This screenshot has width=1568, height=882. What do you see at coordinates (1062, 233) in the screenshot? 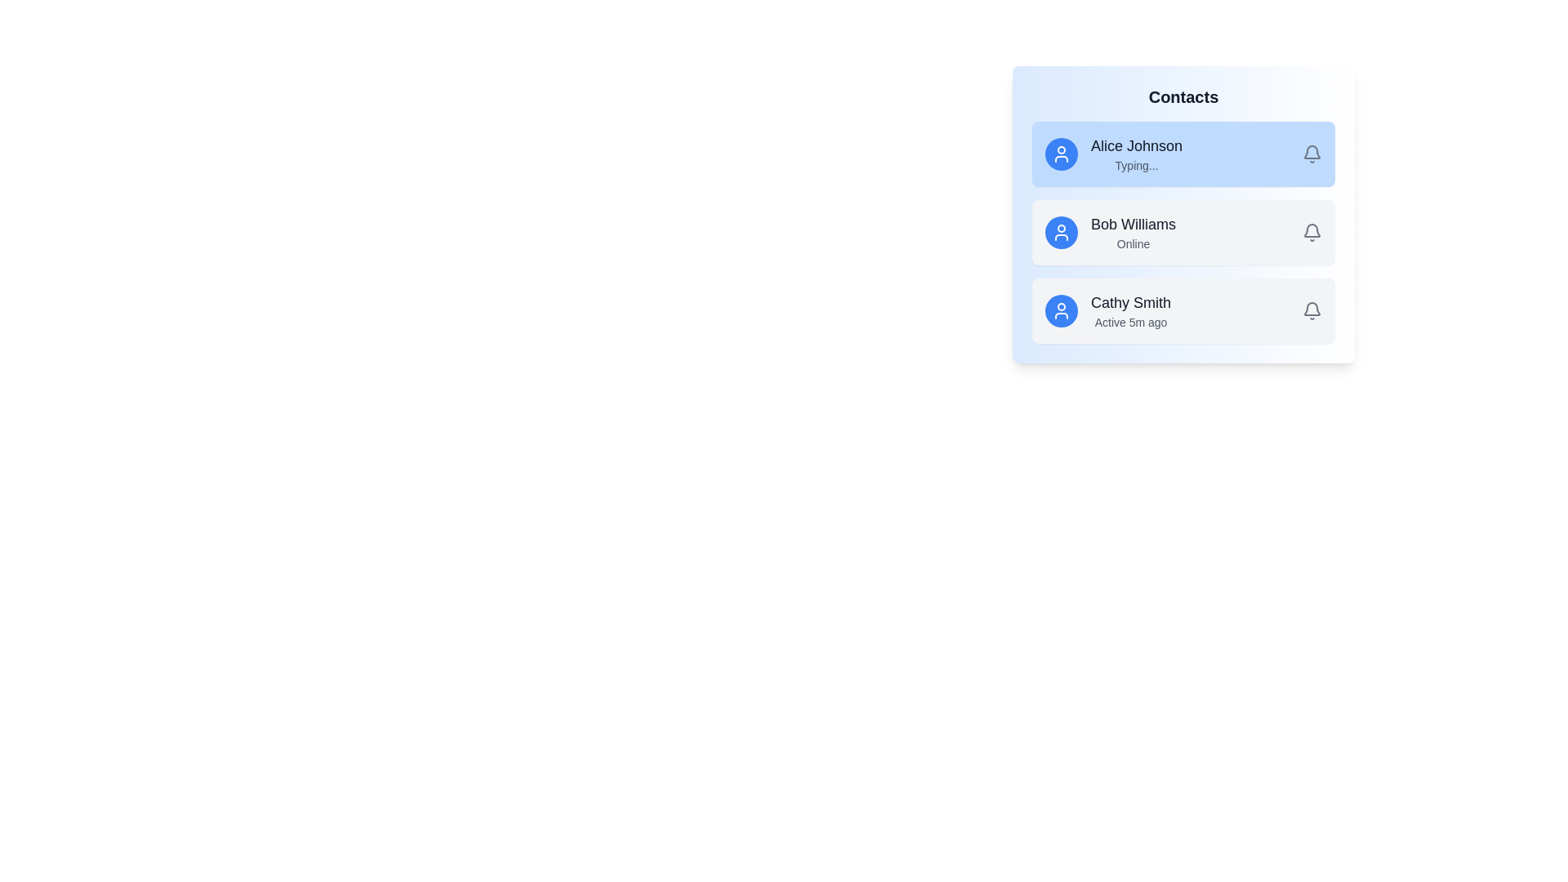
I see `the user avatar icon, which is a rounded profile silhouette in a circular blue background, located in the second row of the contact list next to 'Bob Williams'` at bounding box center [1062, 233].